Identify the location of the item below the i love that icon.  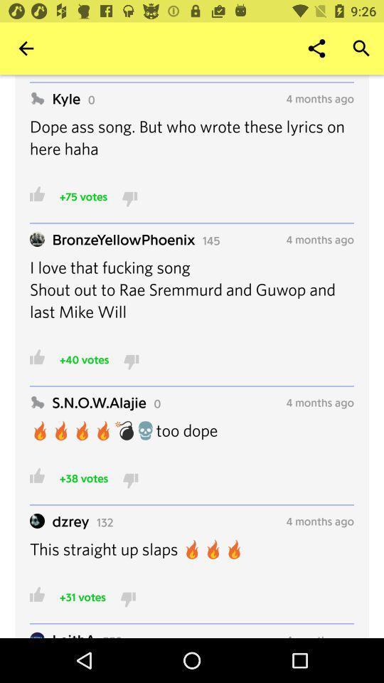
(84, 359).